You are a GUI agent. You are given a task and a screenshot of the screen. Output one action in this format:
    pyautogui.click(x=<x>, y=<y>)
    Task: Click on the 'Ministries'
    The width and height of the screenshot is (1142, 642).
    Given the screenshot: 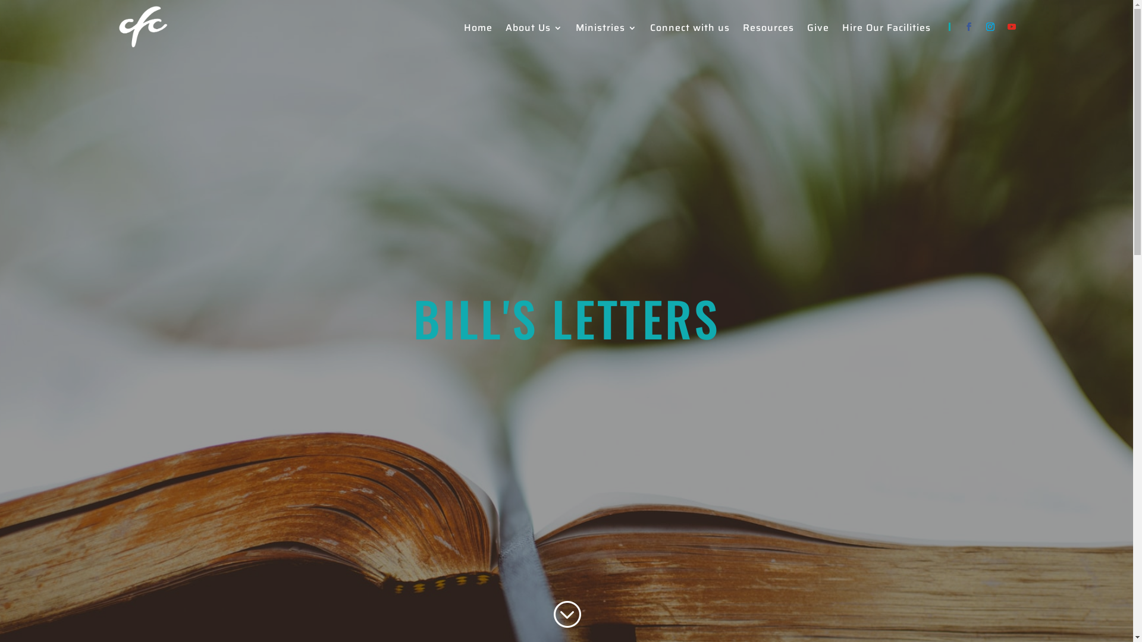 What is the action you would take?
    pyautogui.click(x=606, y=29)
    